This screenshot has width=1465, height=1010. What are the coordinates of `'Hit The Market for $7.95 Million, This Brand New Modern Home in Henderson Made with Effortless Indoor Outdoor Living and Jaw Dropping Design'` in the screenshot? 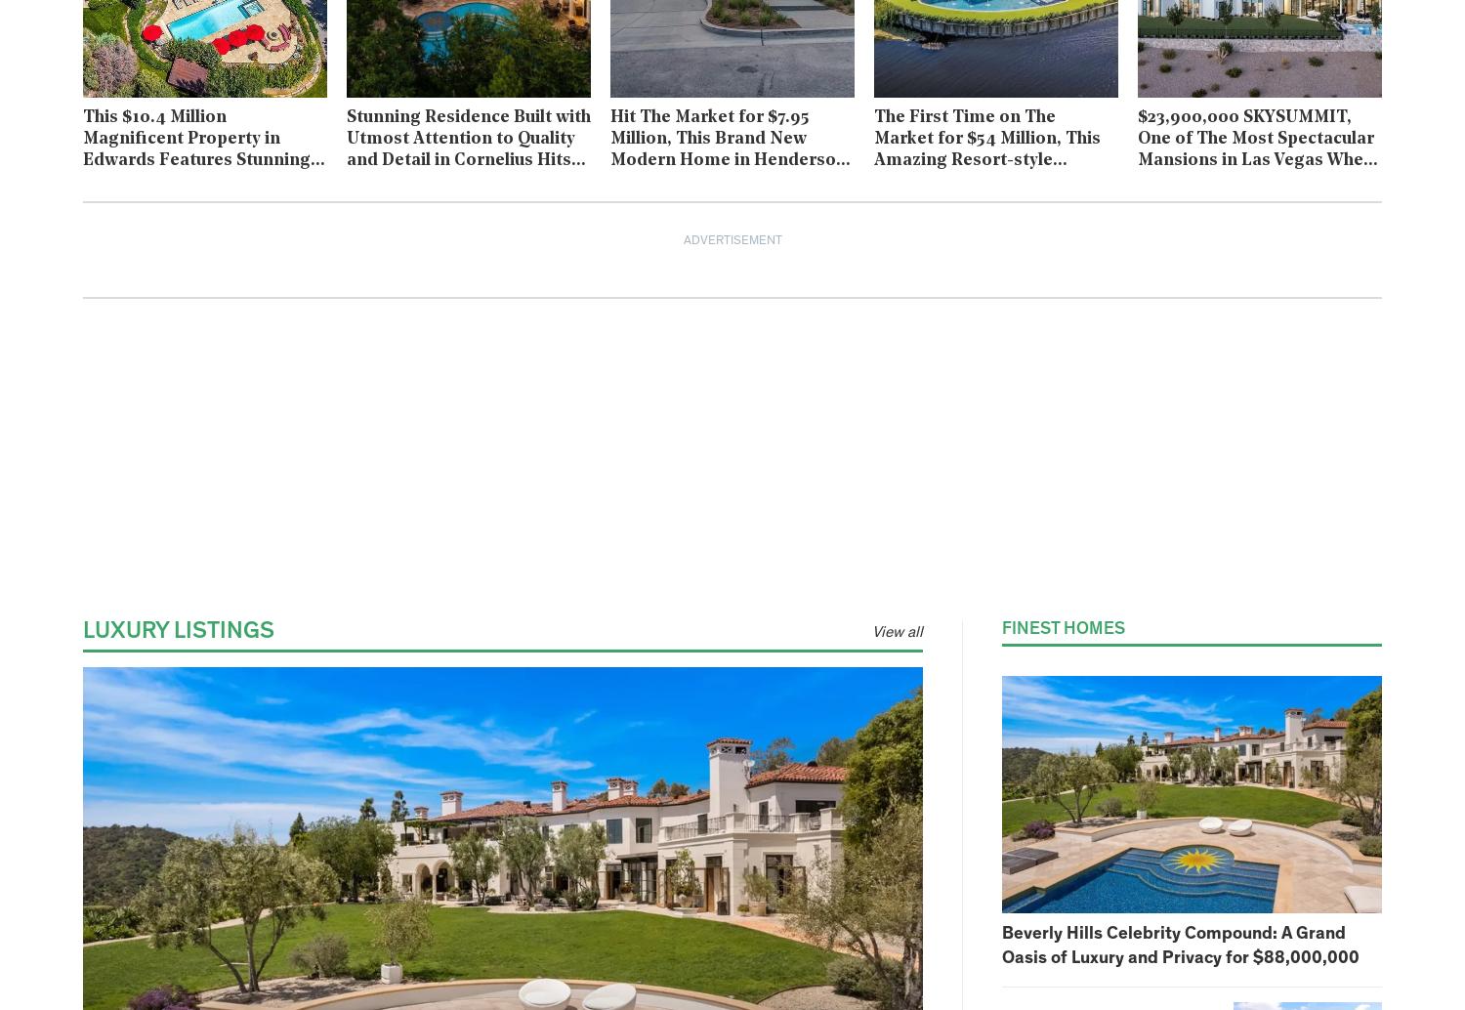 It's located at (727, 171).